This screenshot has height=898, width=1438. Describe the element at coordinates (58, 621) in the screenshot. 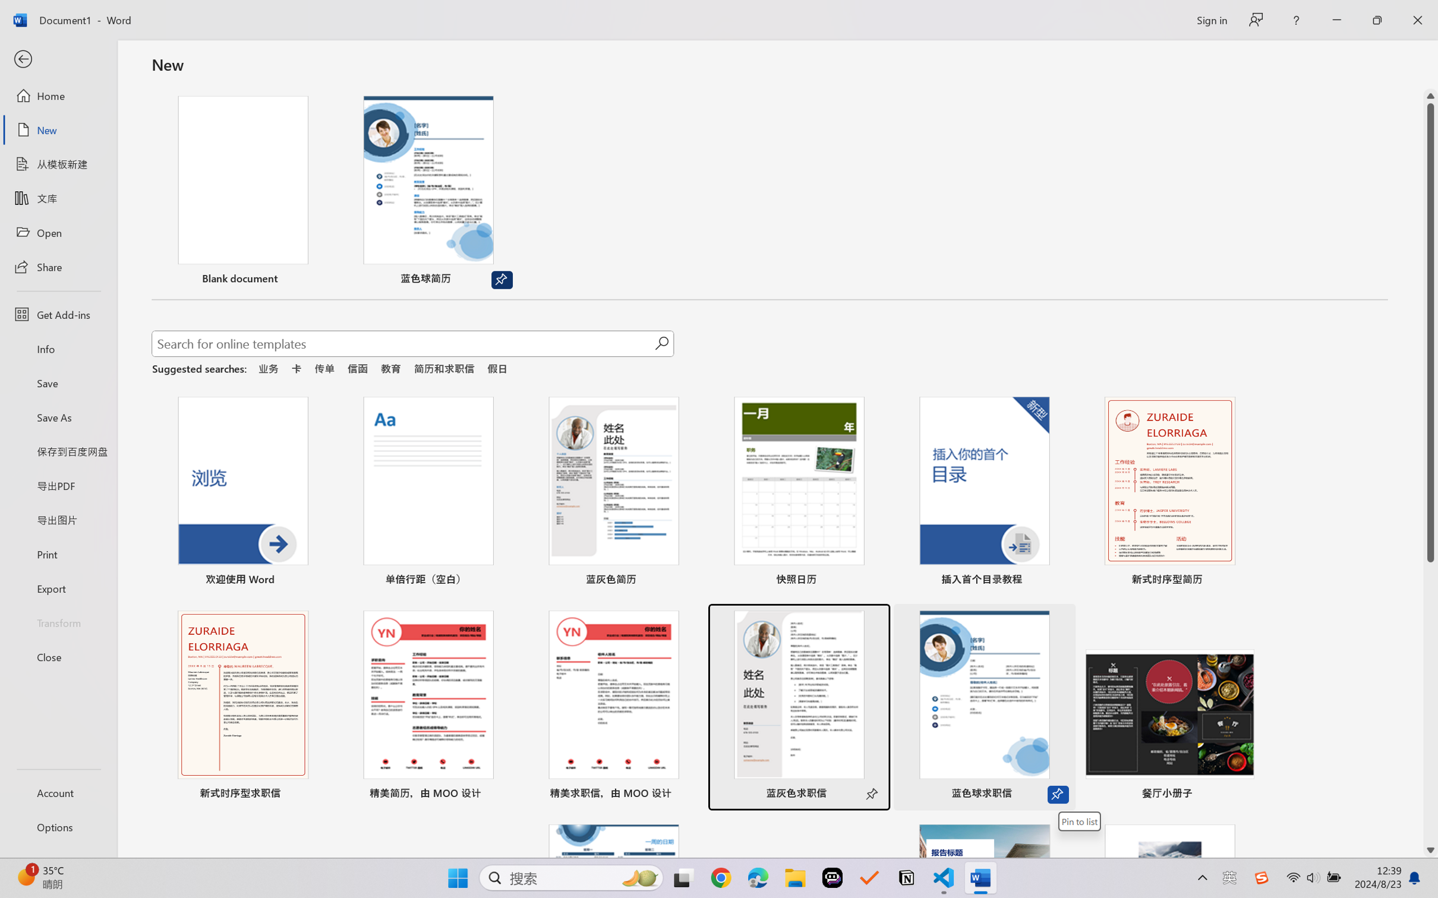

I see `'Transform'` at that location.